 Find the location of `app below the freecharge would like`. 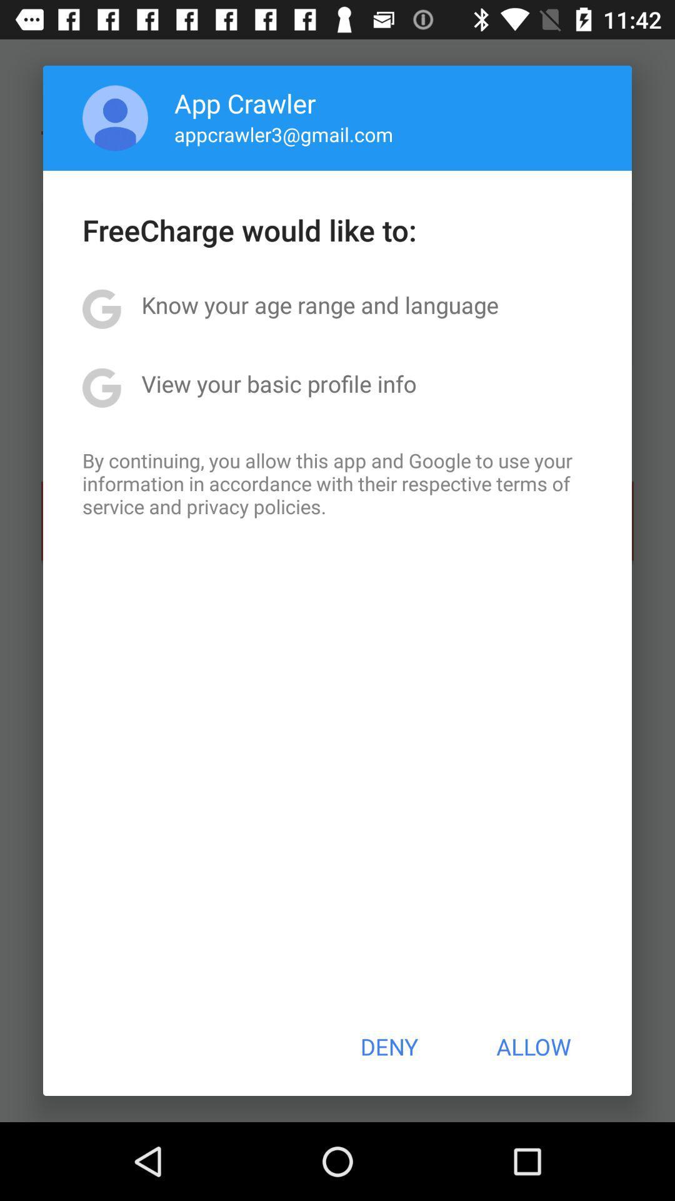

app below the freecharge would like is located at coordinates (319, 305).